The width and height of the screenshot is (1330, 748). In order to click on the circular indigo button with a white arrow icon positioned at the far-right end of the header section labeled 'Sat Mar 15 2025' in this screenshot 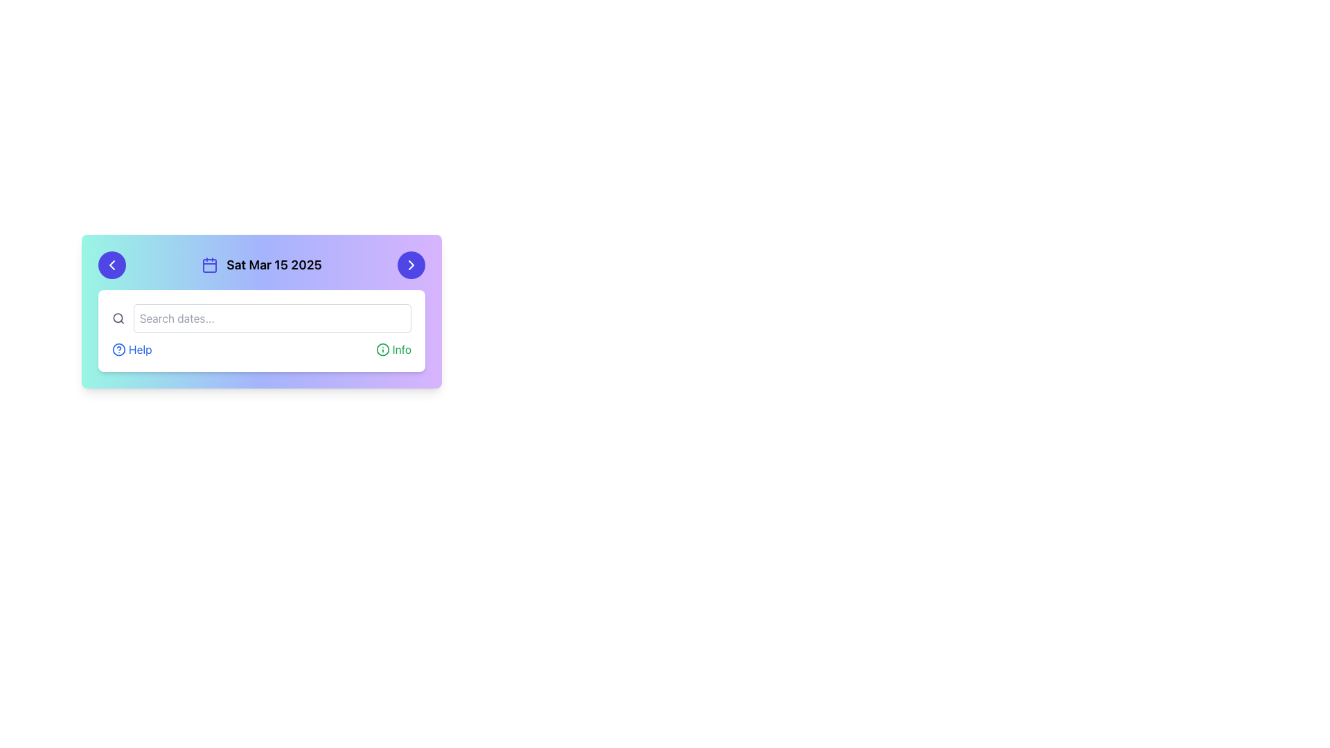, I will do `click(411, 265)`.